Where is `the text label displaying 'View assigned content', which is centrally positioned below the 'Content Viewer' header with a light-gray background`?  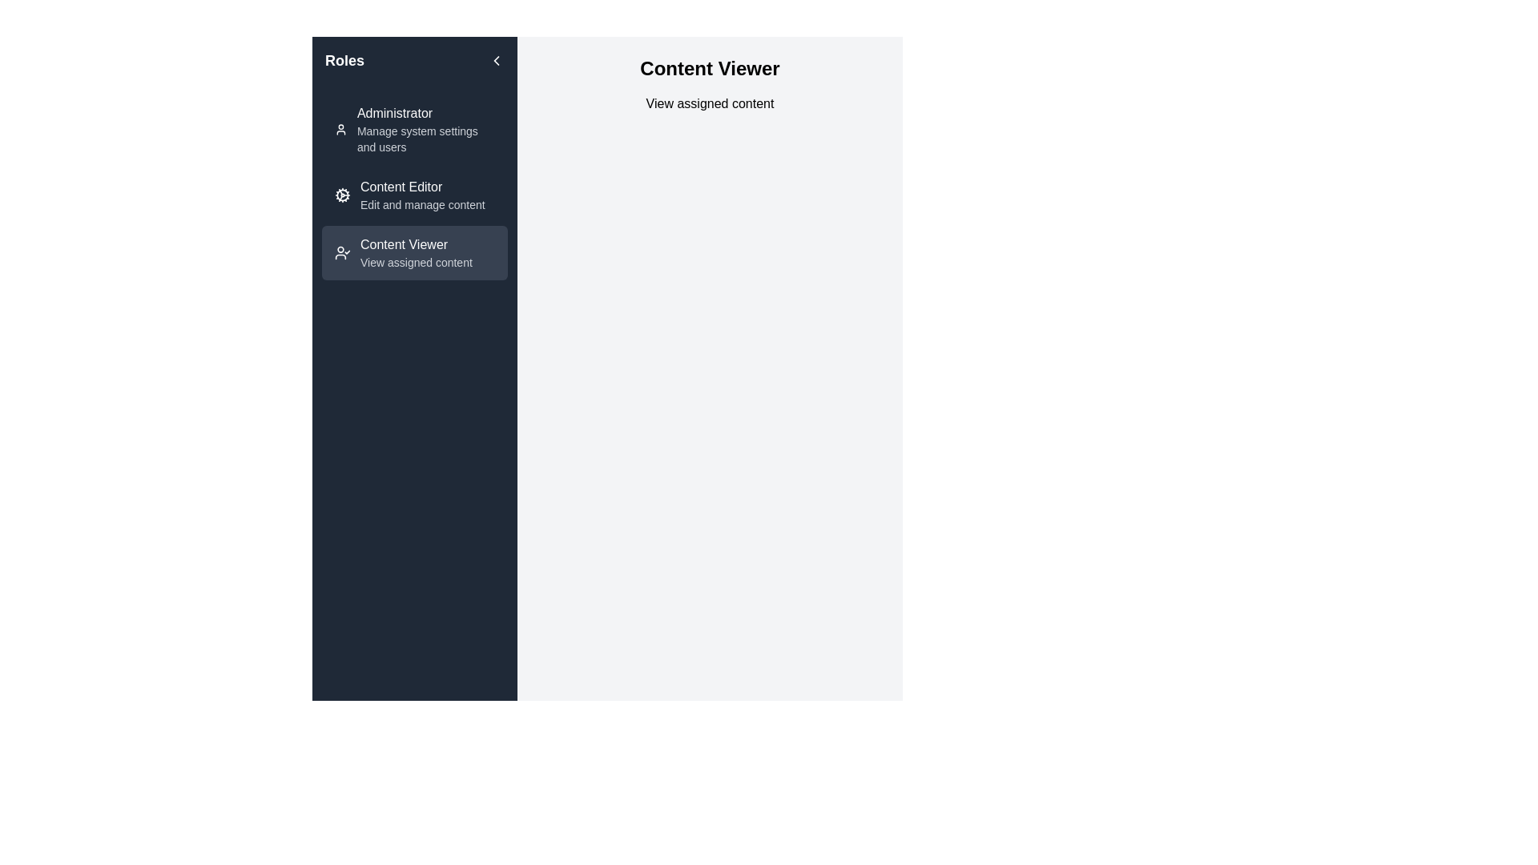 the text label displaying 'View assigned content', which is centrally positioned below the 'Content Viewer' header with a light-gray background is located at coordinates (709, 104).